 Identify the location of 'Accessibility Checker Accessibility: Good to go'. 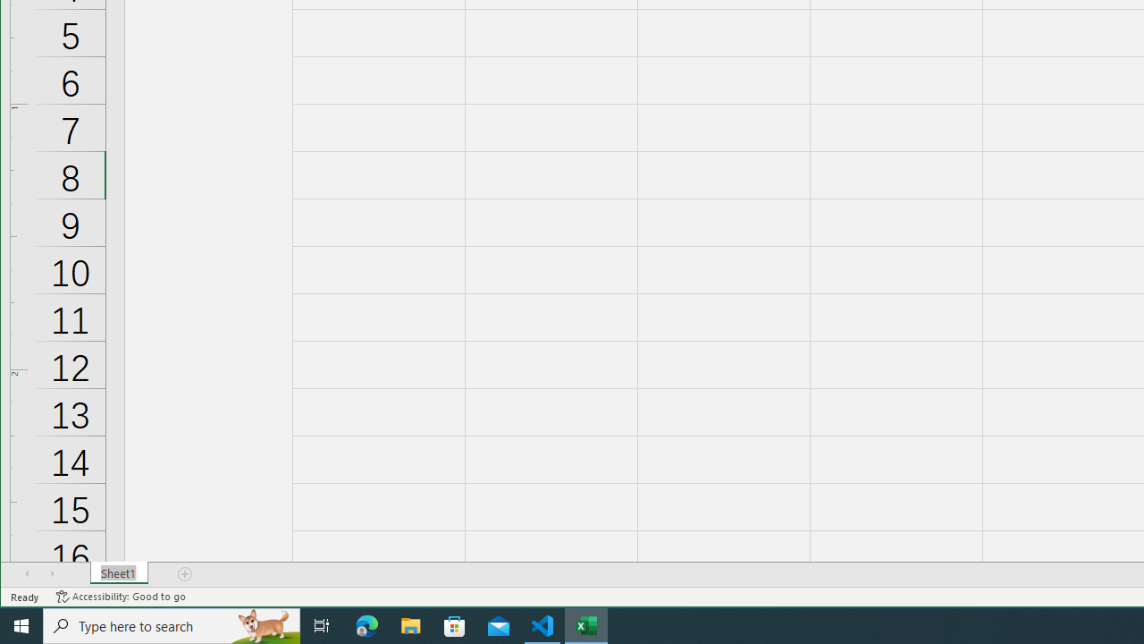
(120, 597).